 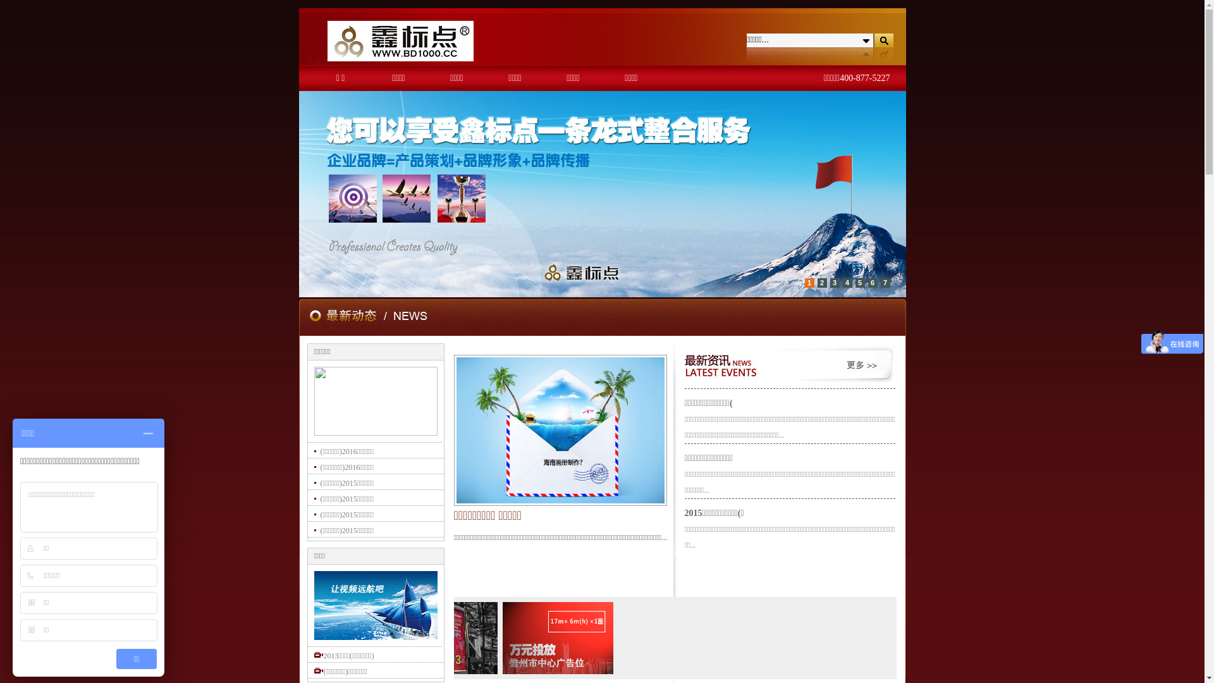 I want to click on '3', so click(x=834, y=282).